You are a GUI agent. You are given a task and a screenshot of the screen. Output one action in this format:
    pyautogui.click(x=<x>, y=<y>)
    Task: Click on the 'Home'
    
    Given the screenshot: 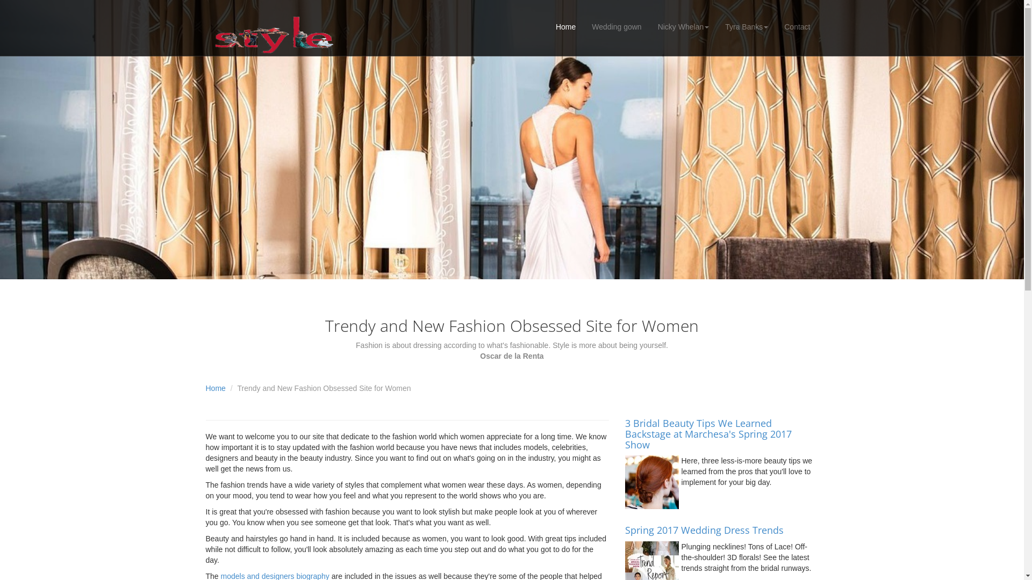 What is the action you would take?
    pyautogui.click(x=215, y=388)
    